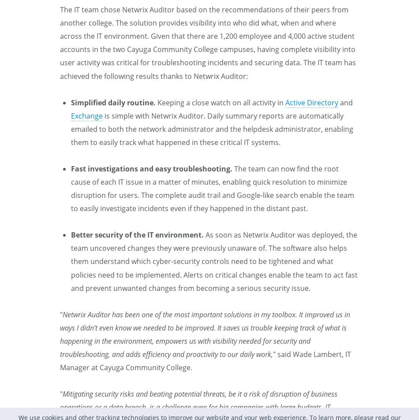 The height and width of the screenshot is (420, 419). Describe the element at coordinates (205, 334) in the screenshot. I see `'Netwrix Auditor has been one of the most important solutions in my toolbox. It improved us in ways I didn’t even know we needed to be improved. It saves us trouble keeping track of what is happening in the environment, empowers us with visibility needed for security and troubleshooting, and adds efficiency and proactivity to our daily work,'` at that location.